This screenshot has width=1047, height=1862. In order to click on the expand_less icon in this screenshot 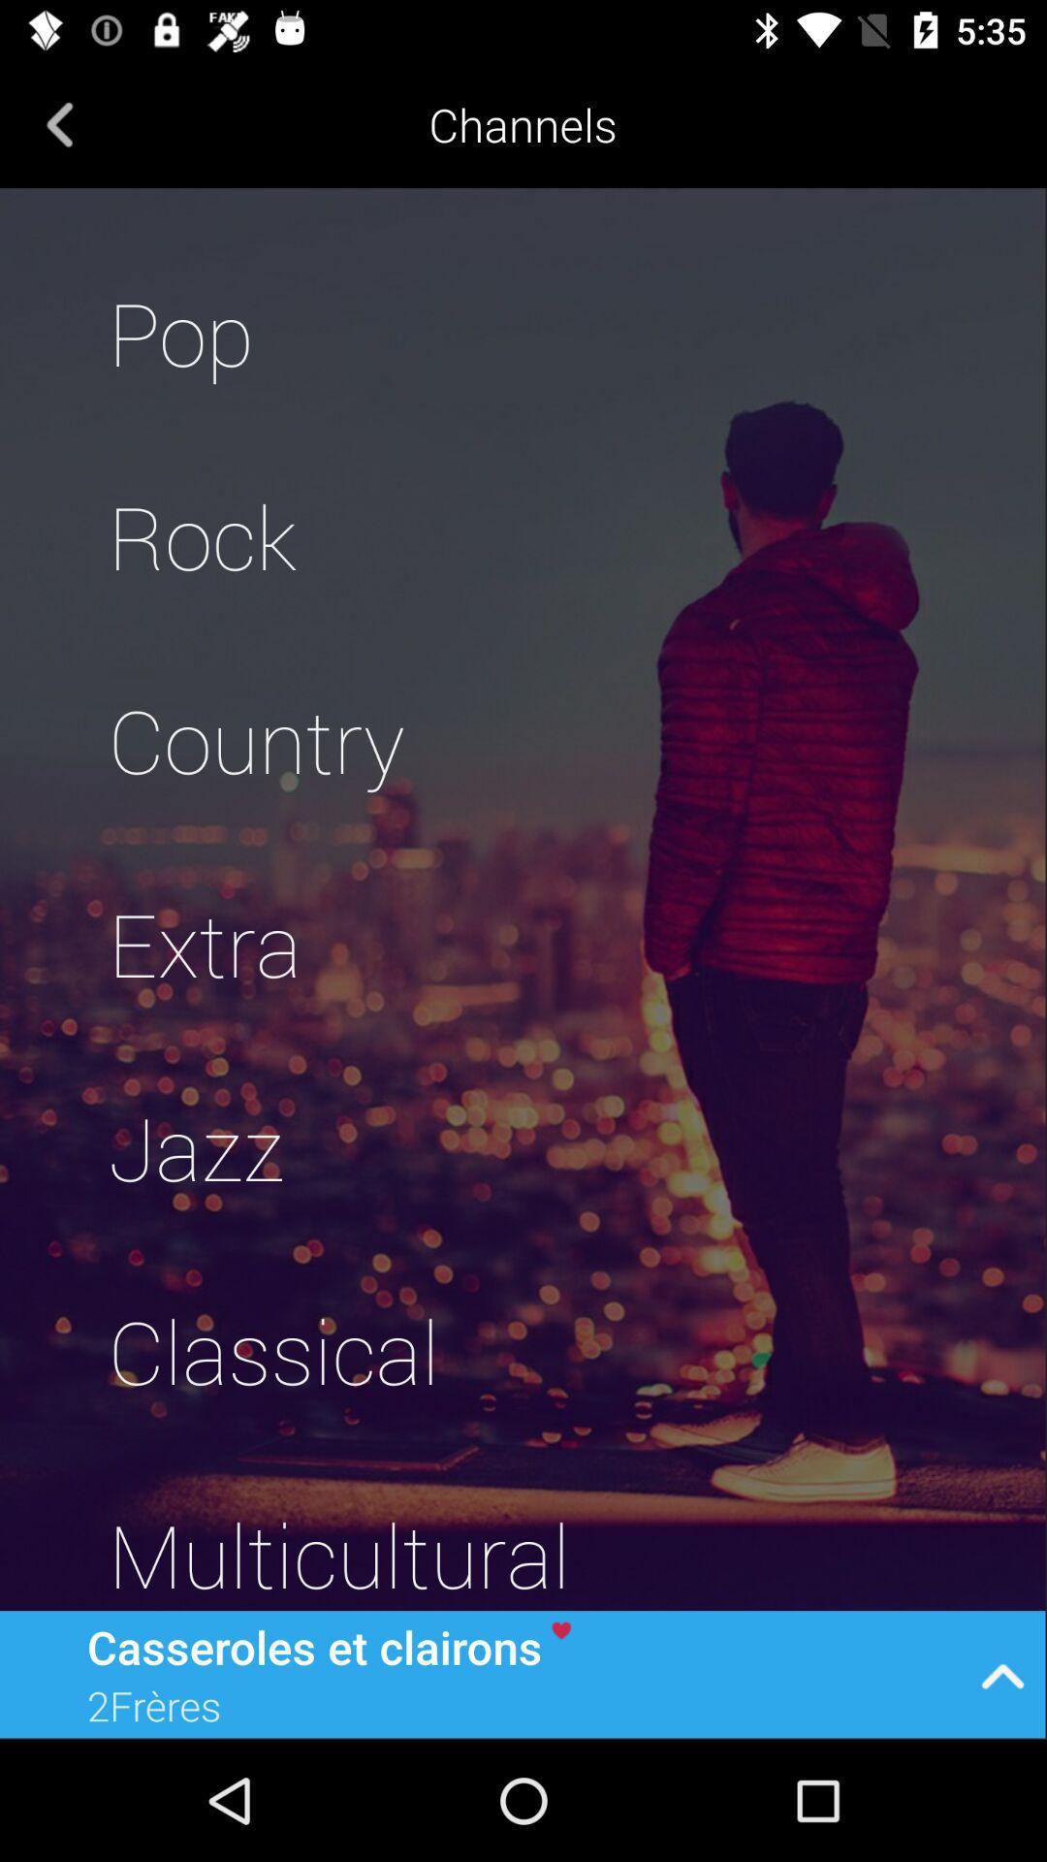, I will do `click(1002, 1673)`.